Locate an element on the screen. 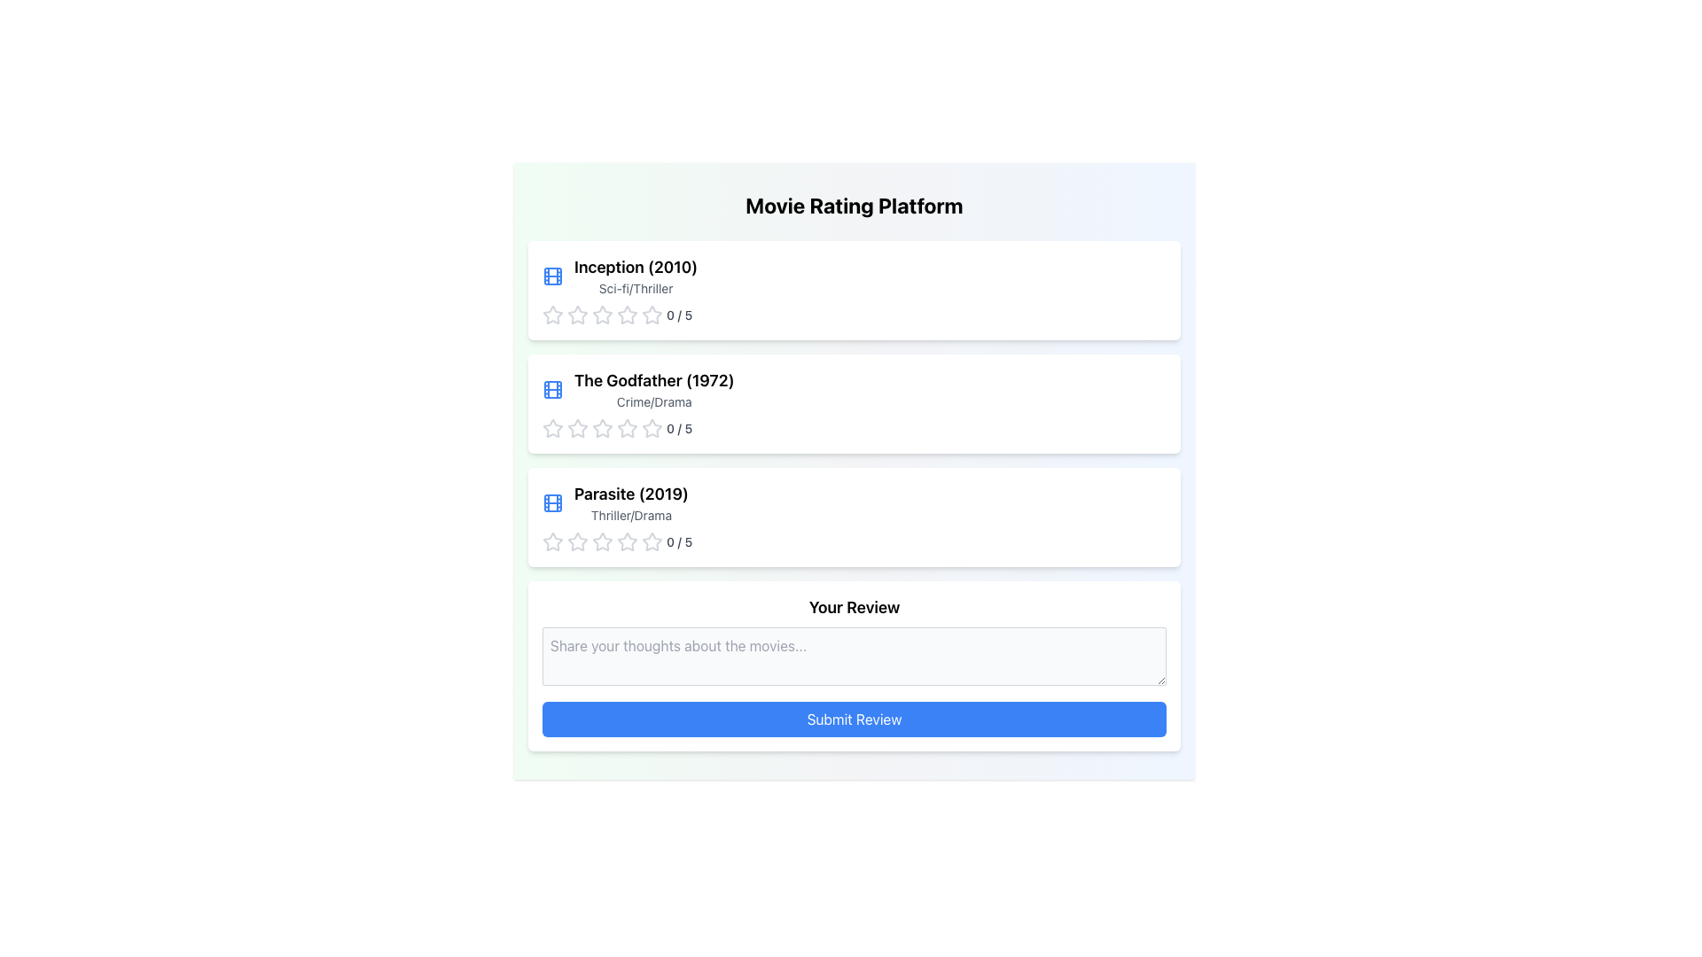  the fourth star rating icon for the movie 'Inception (2010)' to trigger a visual cue is located at coordinates (603, 314).